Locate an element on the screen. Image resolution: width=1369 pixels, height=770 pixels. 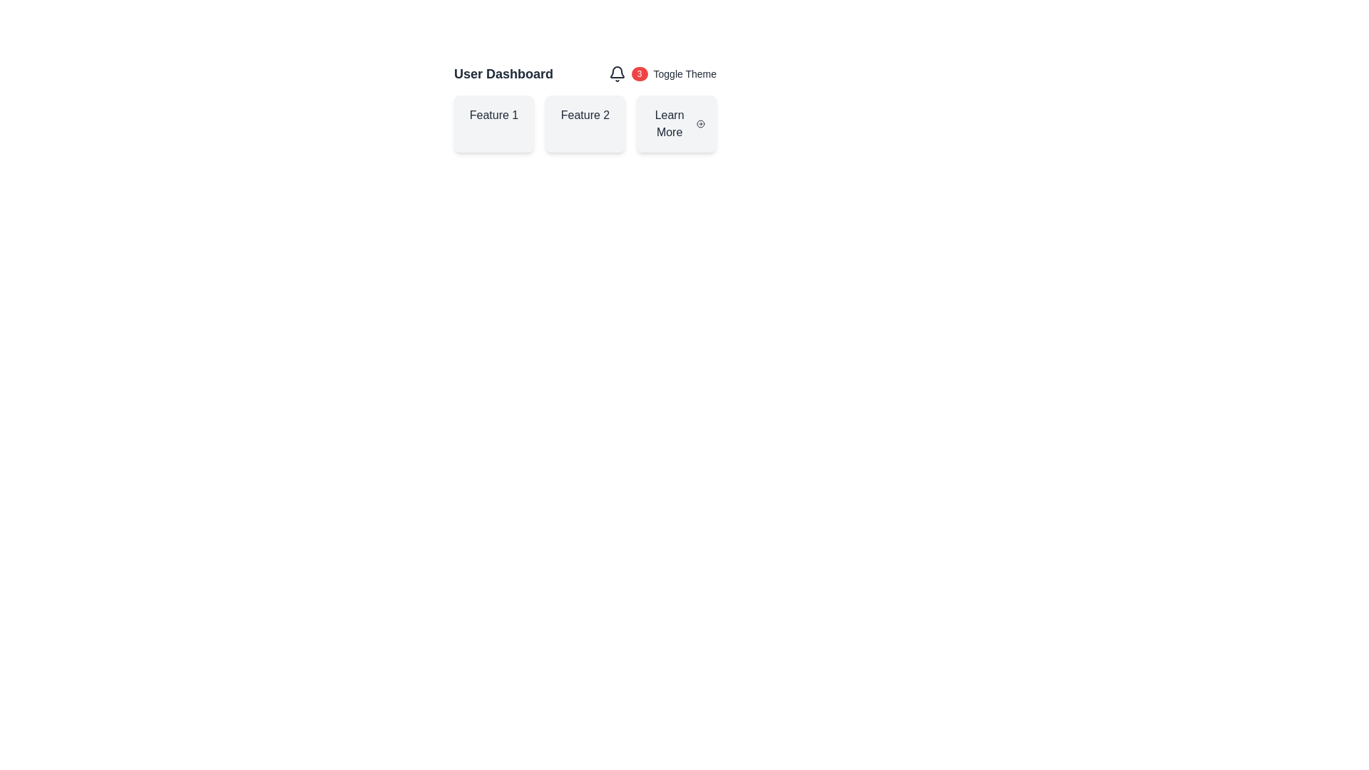
the second card in the dashboard, located below the 'User Dashboard' title, flanked by 'Feature 1' on the left and 'Learn More' on the right is located at coordinates (585, 123).